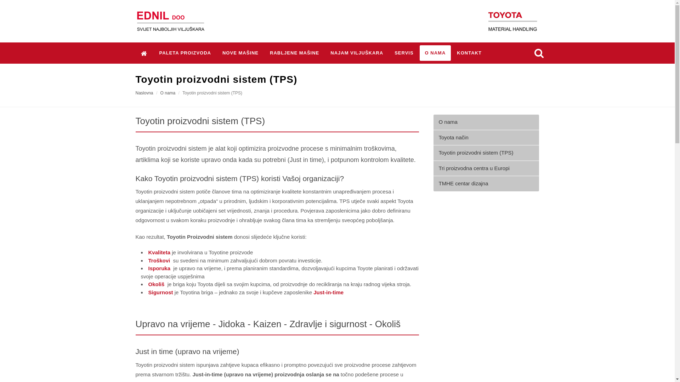 This screenshot has width=680, height=382. What do you see at coordinates (435, 53) in the screenshot?
I see `'O NAMA'` at bounding box center [435, 53].